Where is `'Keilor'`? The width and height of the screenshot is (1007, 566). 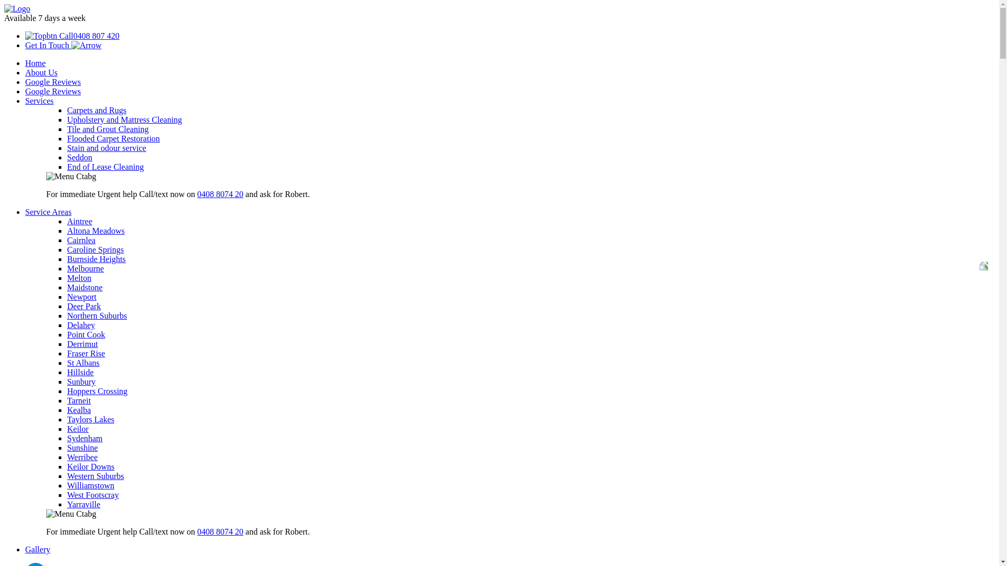
'Keilor' is located at coordinates (67, 429).